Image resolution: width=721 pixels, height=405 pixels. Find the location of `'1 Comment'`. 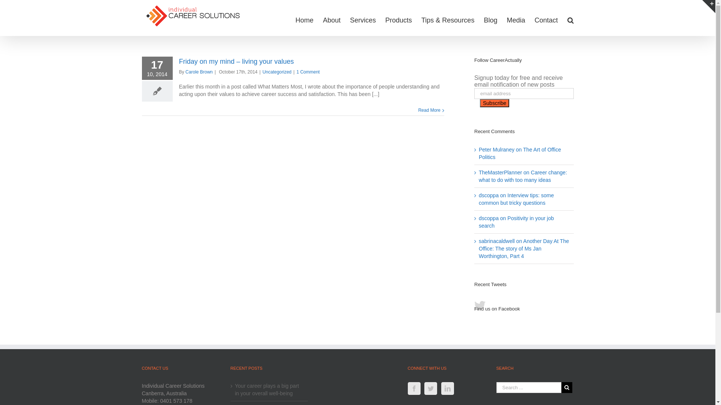

'1 Comment' is located at coordinates (308, 72).